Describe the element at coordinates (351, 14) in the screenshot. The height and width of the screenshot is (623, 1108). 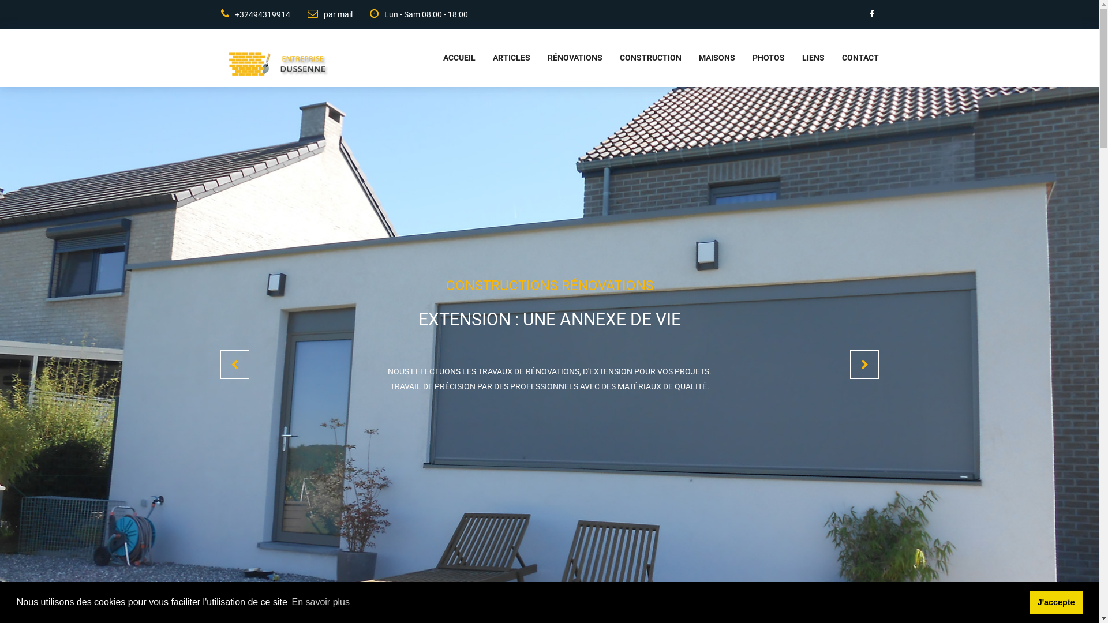
I see `'Lun - Sam 08:00 - 18:00'` at that location.